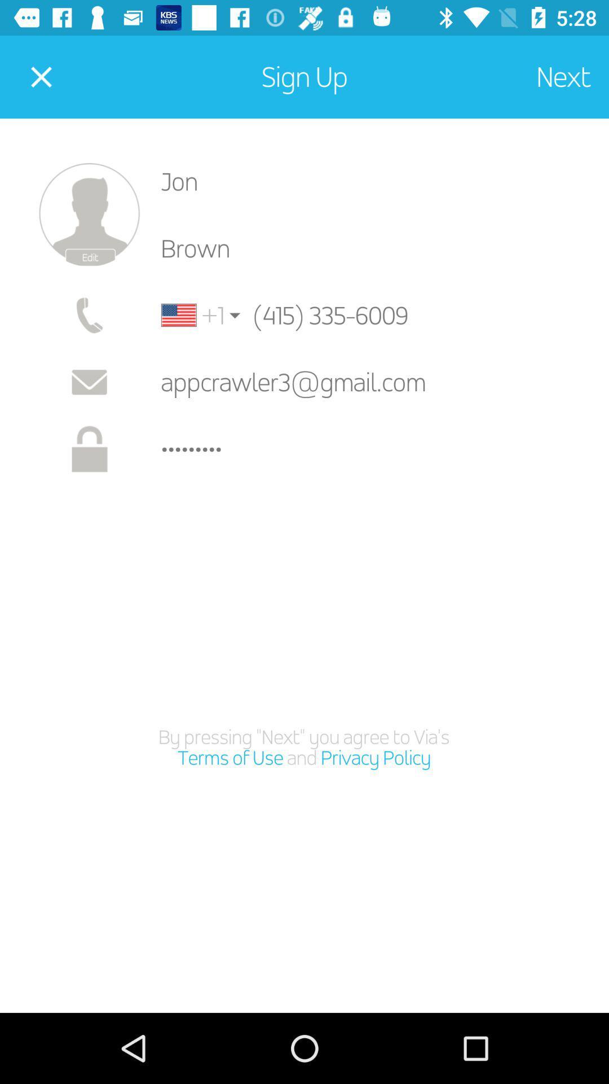  What do you see at coordinates (350, 315) in the screenshot?
I see `icon above appcrawler3@gmail.com icon` at bounding box center [350, 315].